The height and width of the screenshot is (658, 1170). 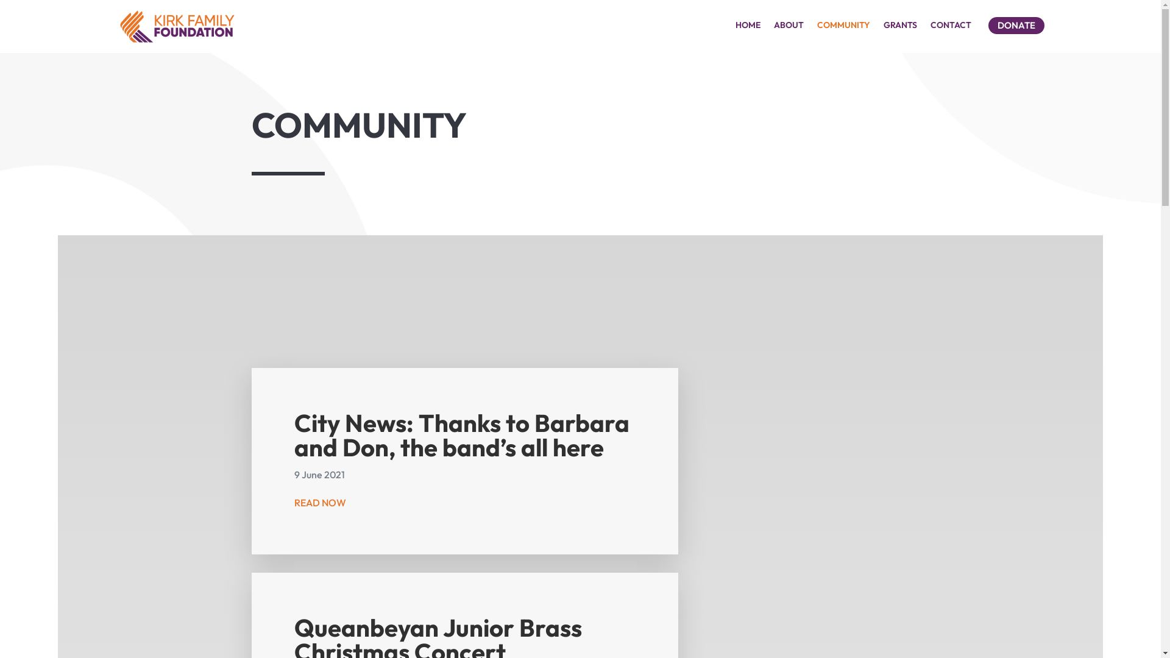 What do you see at coordinates (950, 27) in the screenshot?
I see `'CONTACT'` at bounding box center [950, 27].